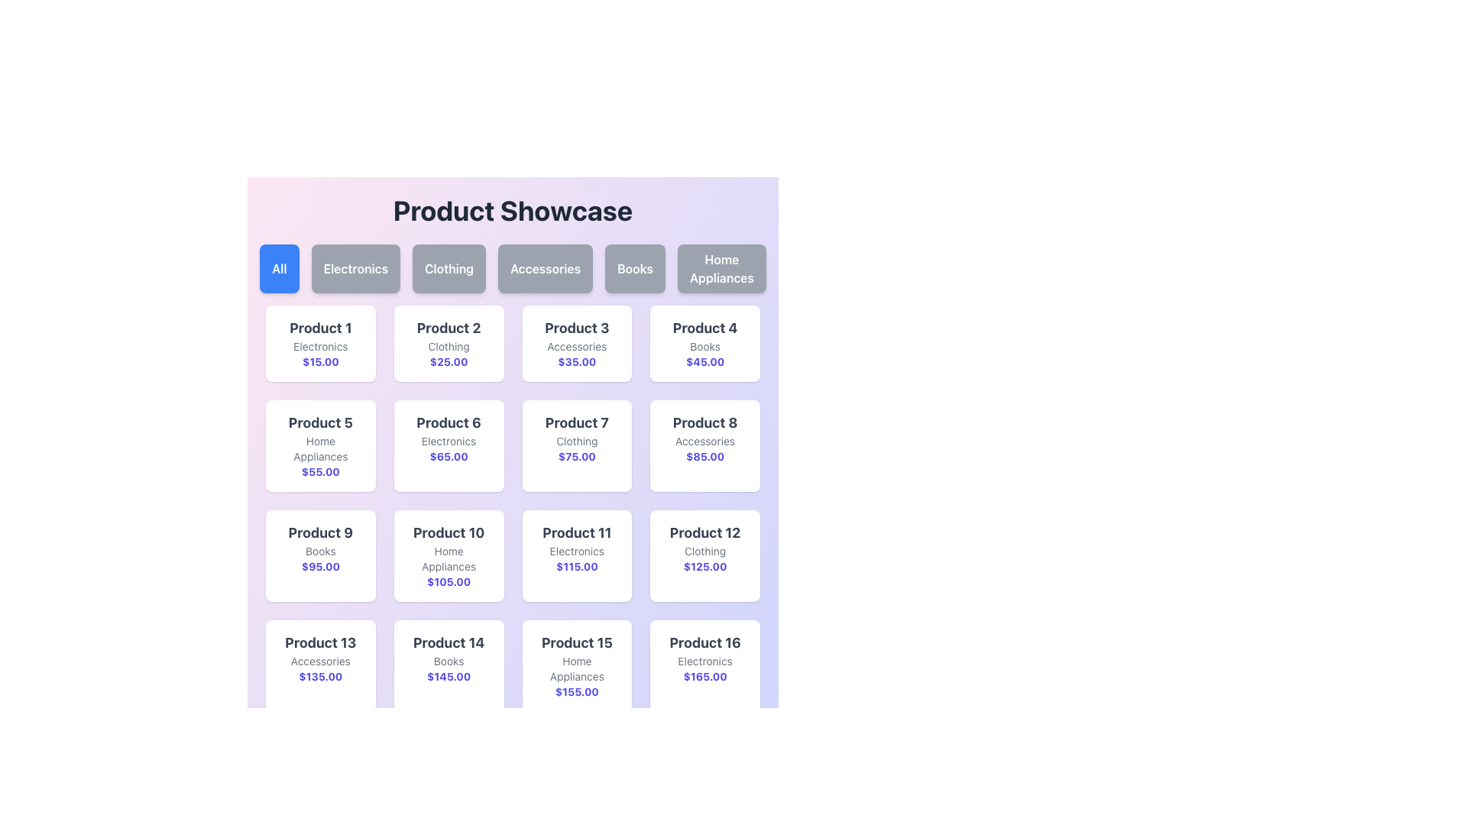 The height and width of the screenshot is (825, 1467). What do you see at coordinates (704, 347) in the screenshot?
I see `the 'Books' text label which is styled in gray color and is located at the center bottom part of the 'Product 4' card, positioned below the product name and above the product price` at bounding box center [704, 347].